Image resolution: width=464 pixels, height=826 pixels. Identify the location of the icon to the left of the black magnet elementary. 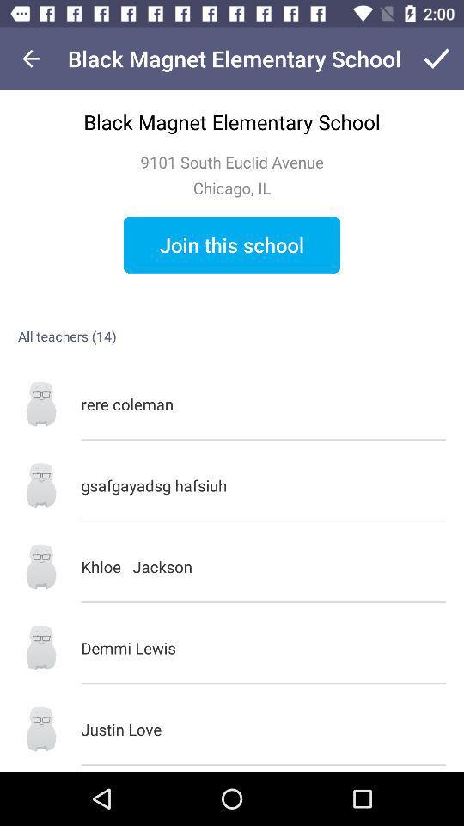
(31, 59).